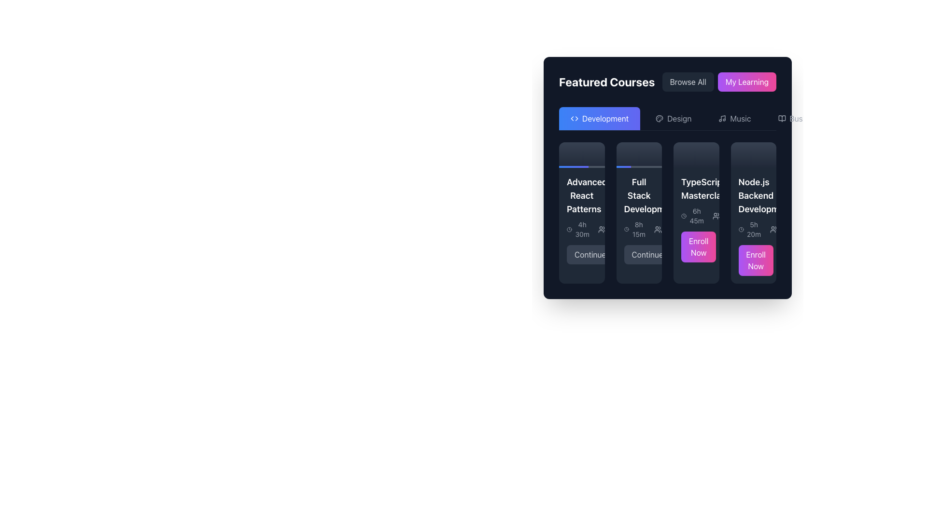 The width and height of the screenshot is (927, 521). What do you see at coordinates (753, 195) in the screenshot?
I see `the text label displaying 'Node.js Backend Development', which is prominently styled in white on a dark background and is part of the far-right card in a horizontal list of course offerings` at bounding box center [753, 195].